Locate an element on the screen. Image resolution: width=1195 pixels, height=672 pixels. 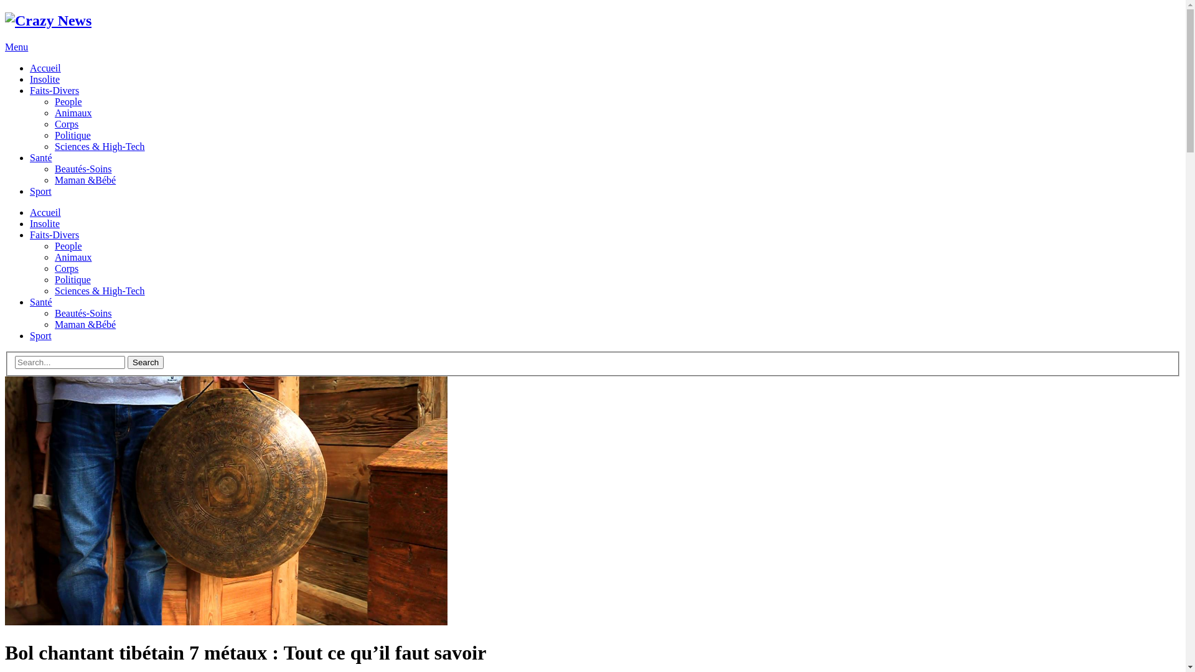
'Corps' is located at coordinates (65, 268).